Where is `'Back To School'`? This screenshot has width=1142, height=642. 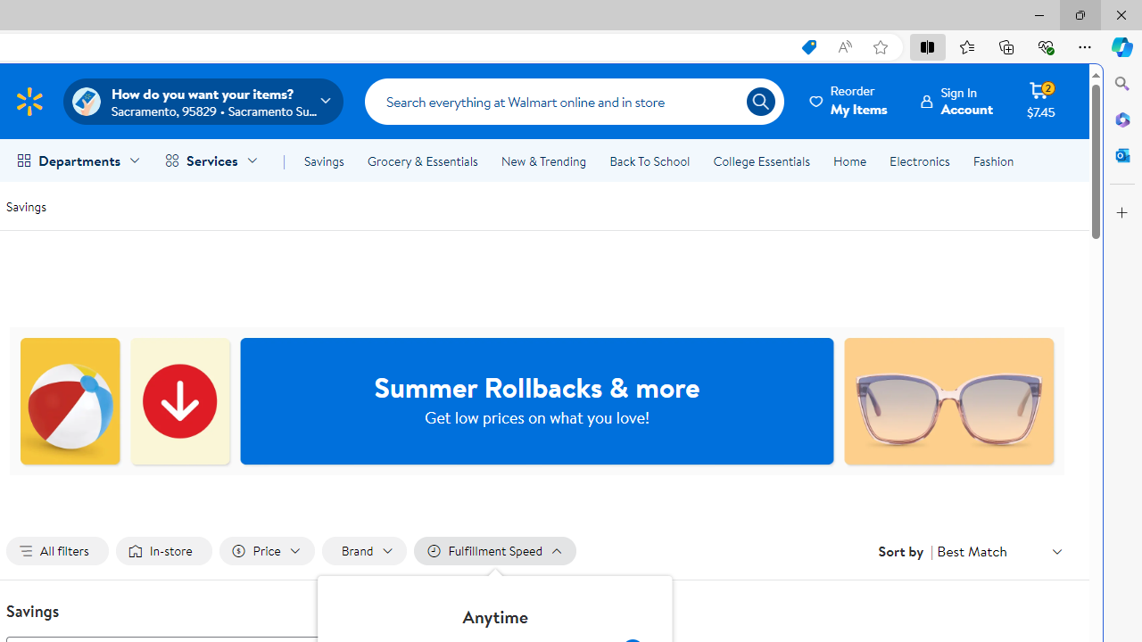 'Back To School' is located at coordinates (649, 161).